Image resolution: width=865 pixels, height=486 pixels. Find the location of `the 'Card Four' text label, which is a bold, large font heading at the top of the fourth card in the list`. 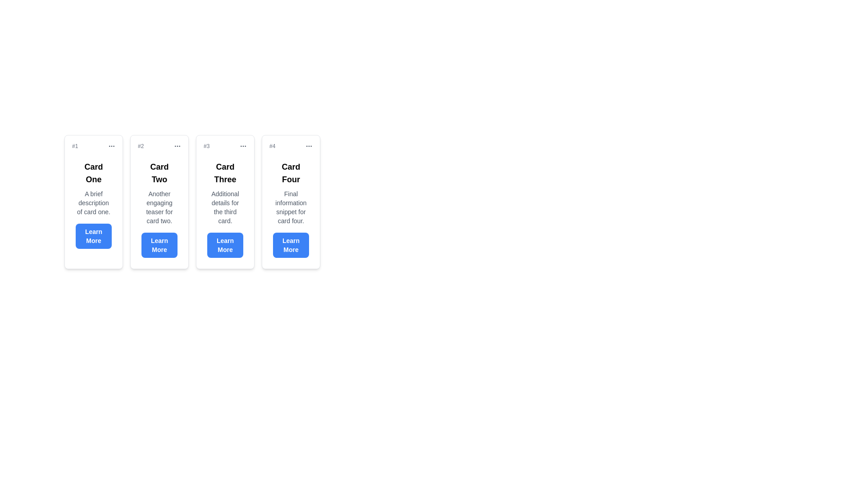

the 'Card Four' text label, which is a bold, large font heading at the top of the fourth card in the list is located at coordinates (291, 173).